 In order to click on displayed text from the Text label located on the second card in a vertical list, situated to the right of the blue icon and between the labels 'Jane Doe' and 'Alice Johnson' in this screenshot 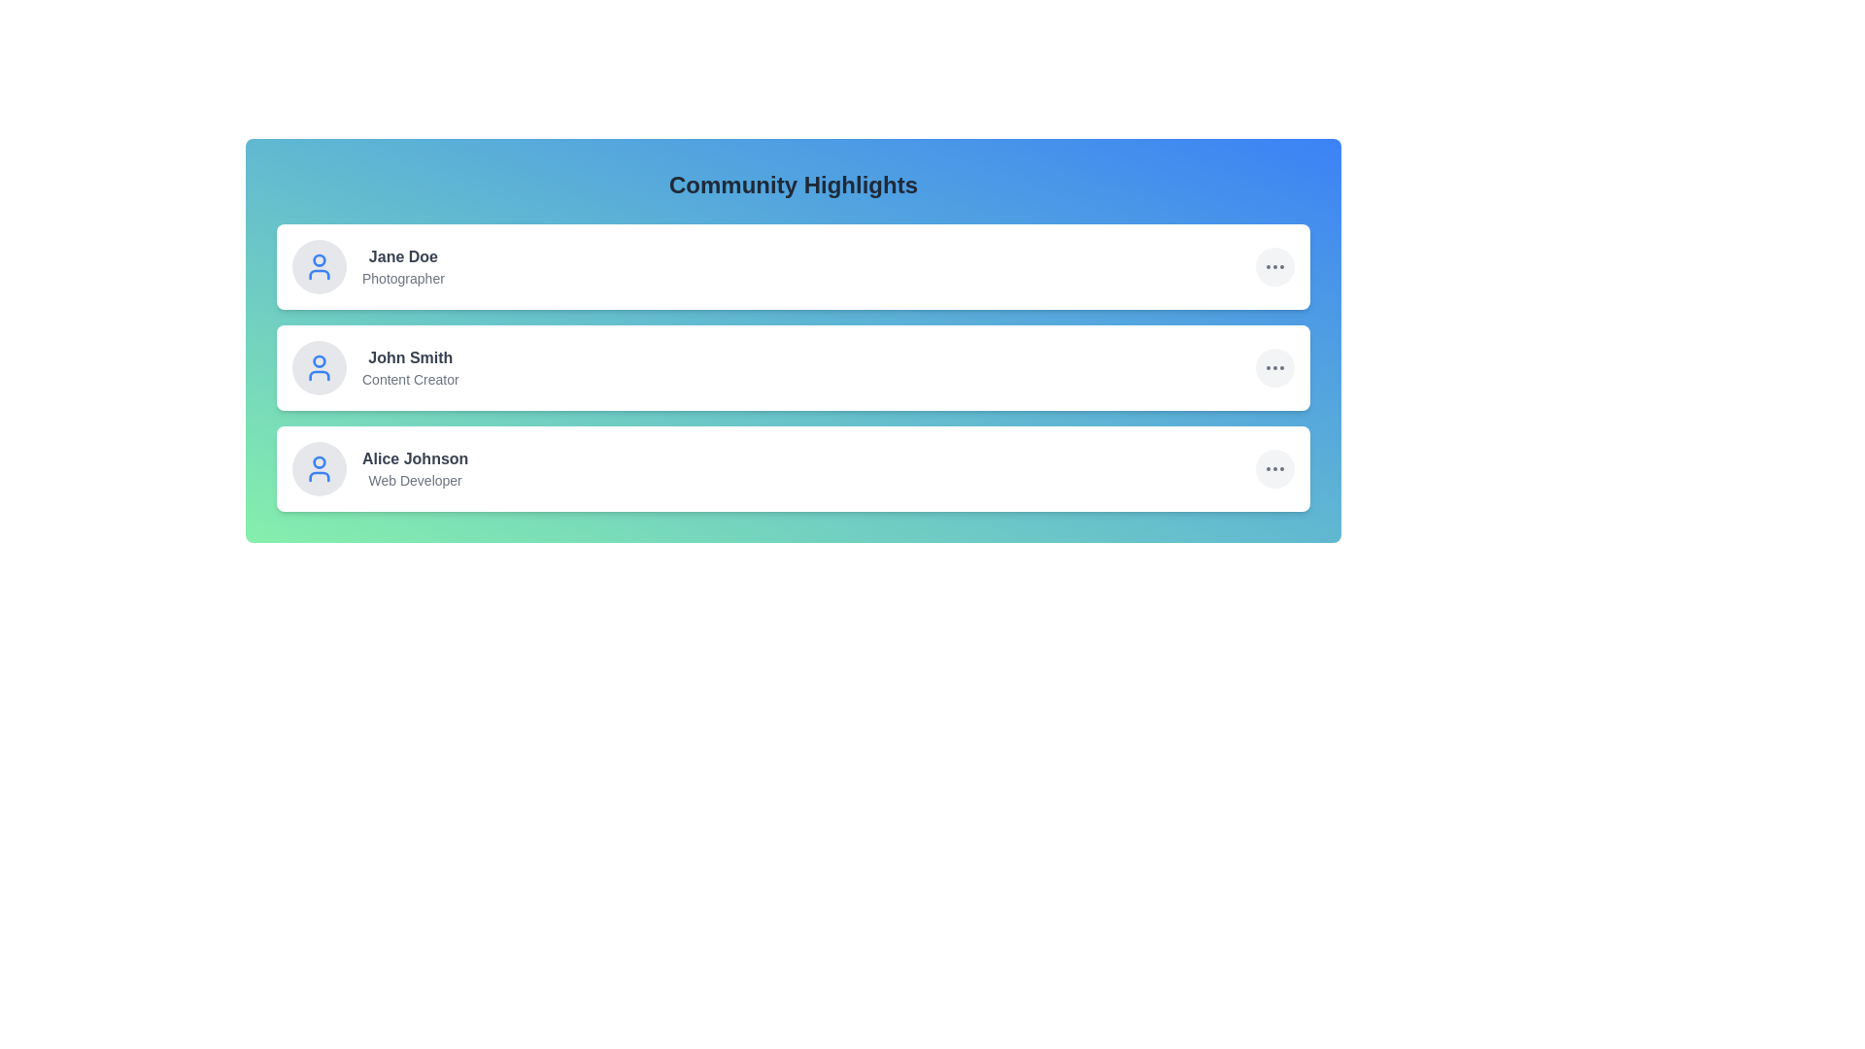, I will do `click(409, 367)`.